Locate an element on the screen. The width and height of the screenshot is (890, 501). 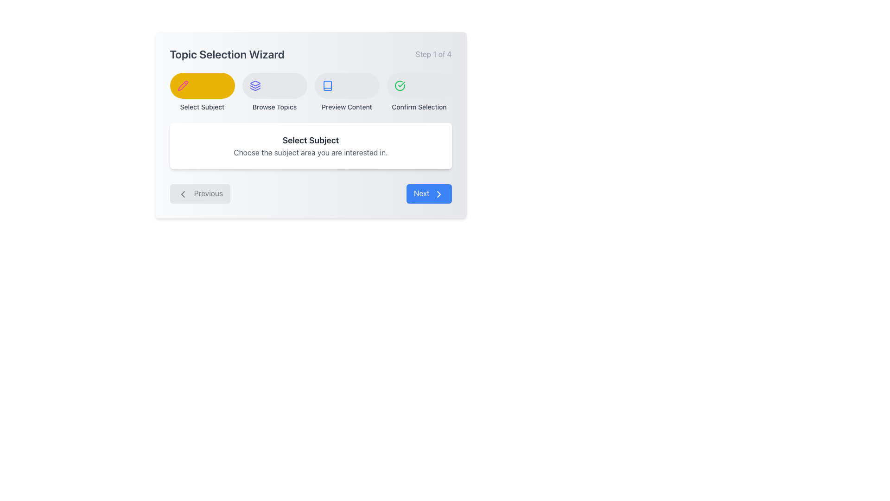
the text label for the third tab in the navigation interface, which is centered horizontally below a rounded icon and SVG elements is located at coordinates (346, 107).